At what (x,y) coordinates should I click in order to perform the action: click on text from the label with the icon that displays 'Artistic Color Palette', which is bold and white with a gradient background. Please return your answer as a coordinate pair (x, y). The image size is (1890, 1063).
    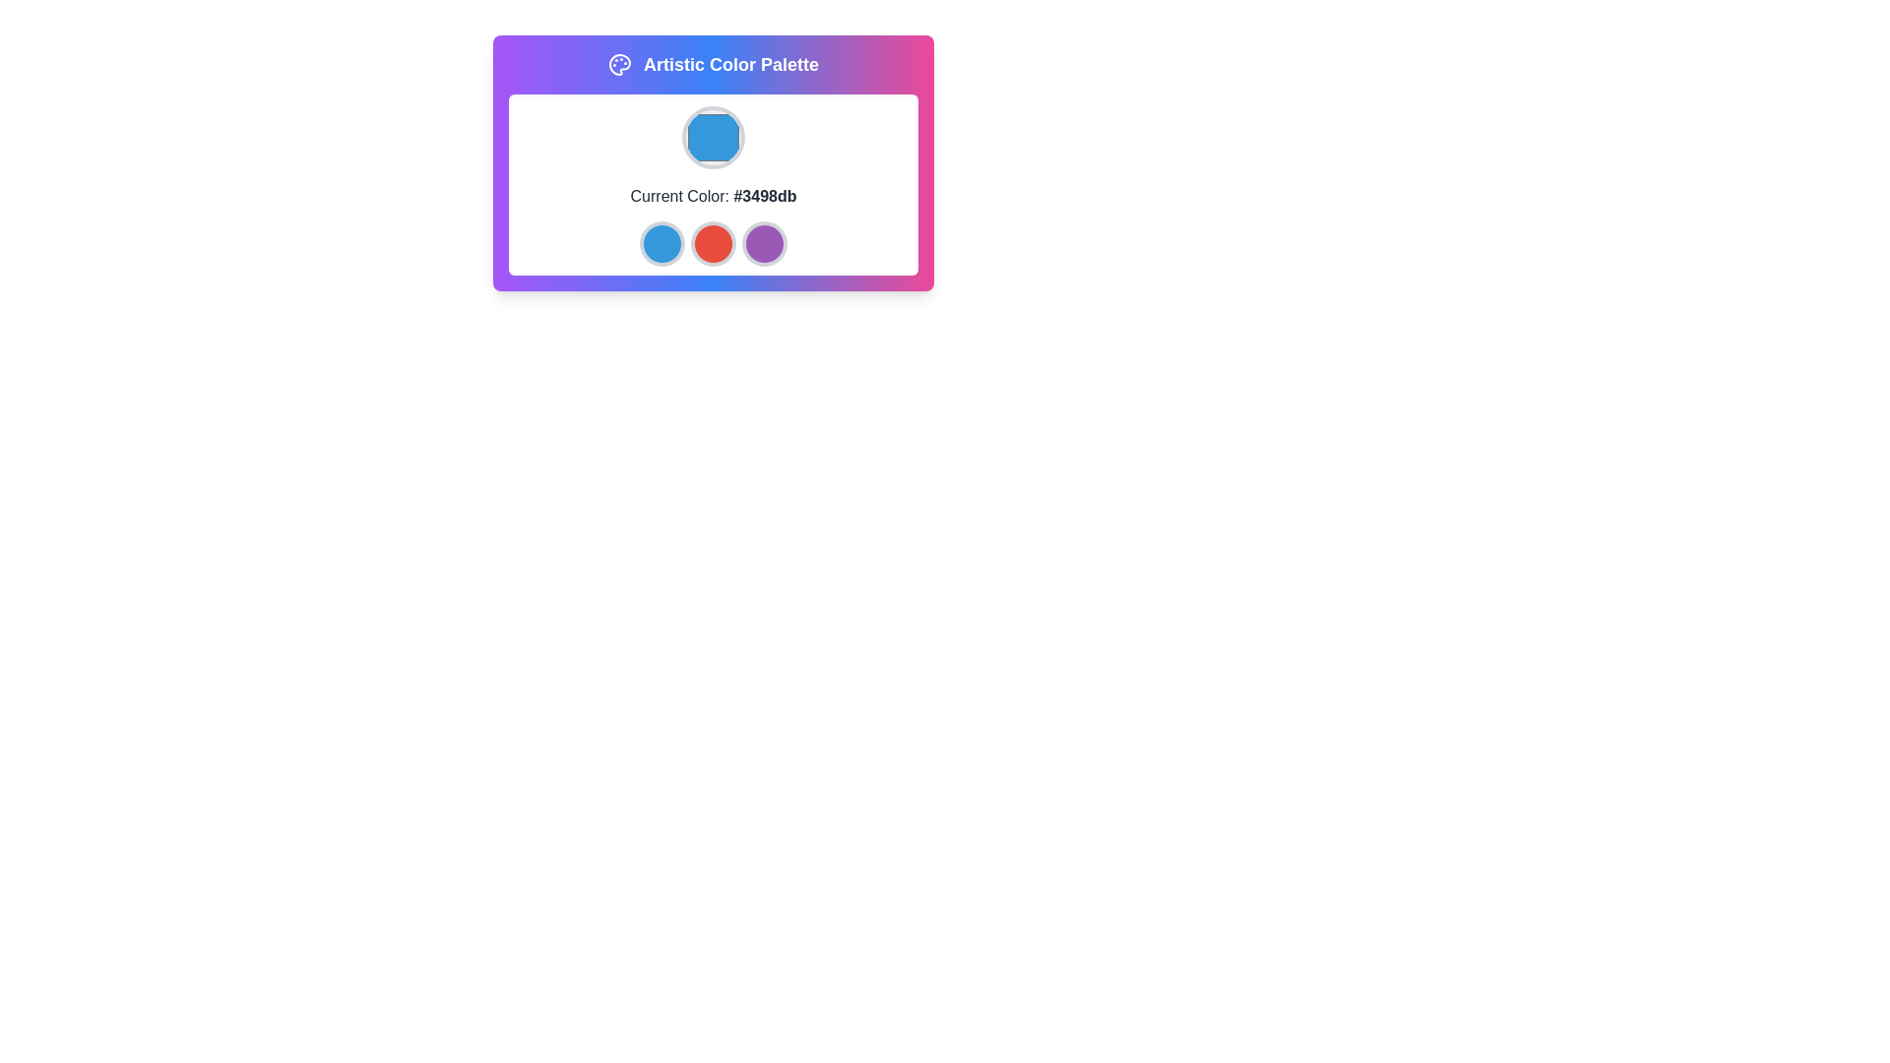
    Looking at the image, I should click on (712, 63).